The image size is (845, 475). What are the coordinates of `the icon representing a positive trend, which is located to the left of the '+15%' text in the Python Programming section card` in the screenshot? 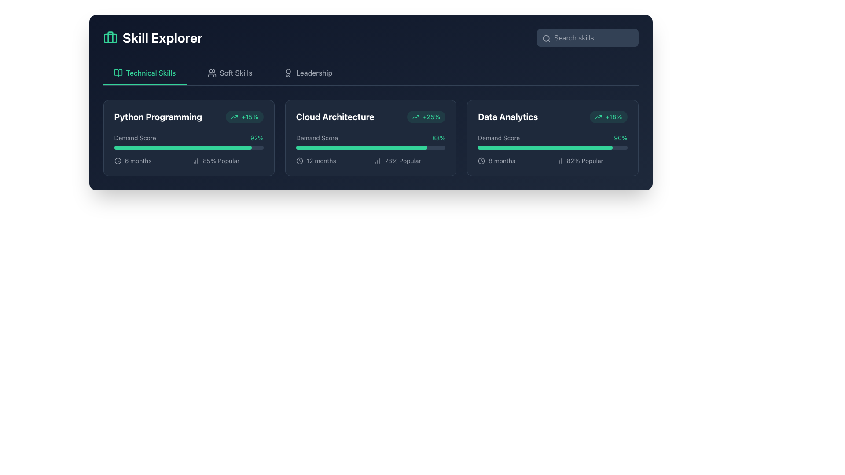 It's located at (235, 117).